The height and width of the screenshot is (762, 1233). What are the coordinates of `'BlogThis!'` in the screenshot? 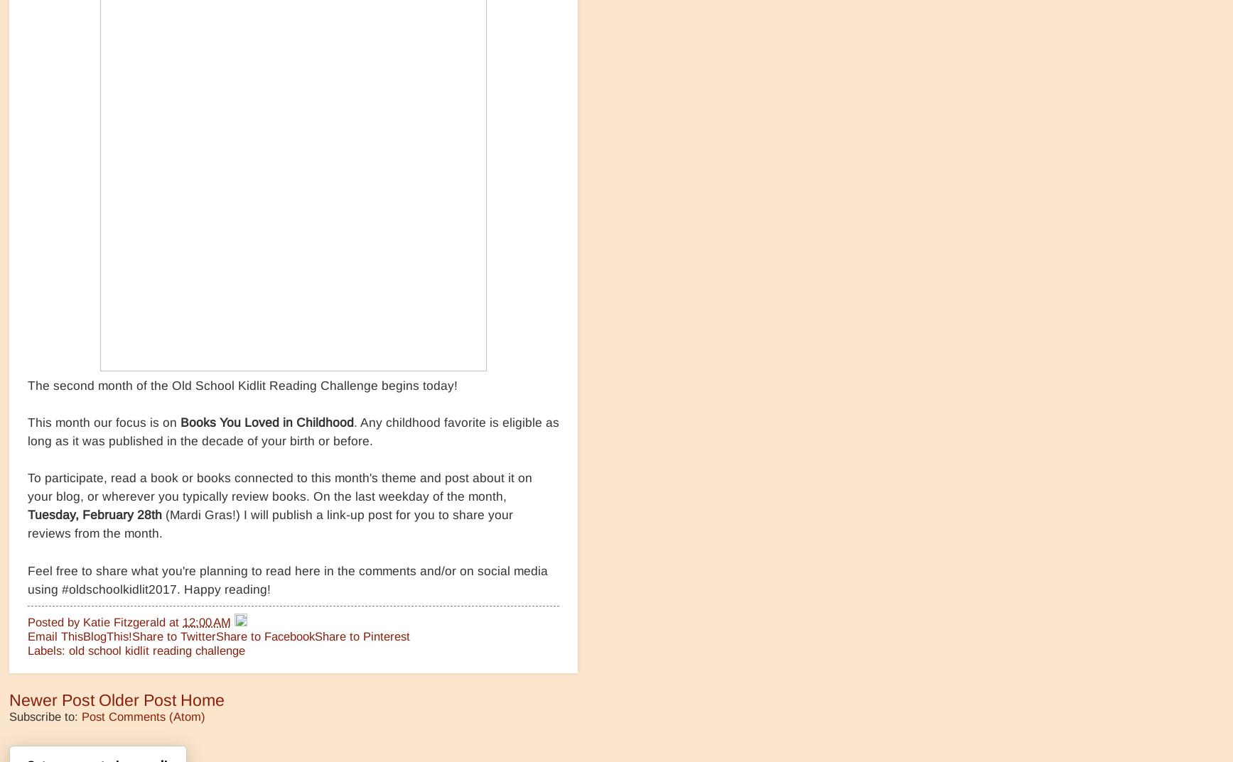 It's located at (107, 636).